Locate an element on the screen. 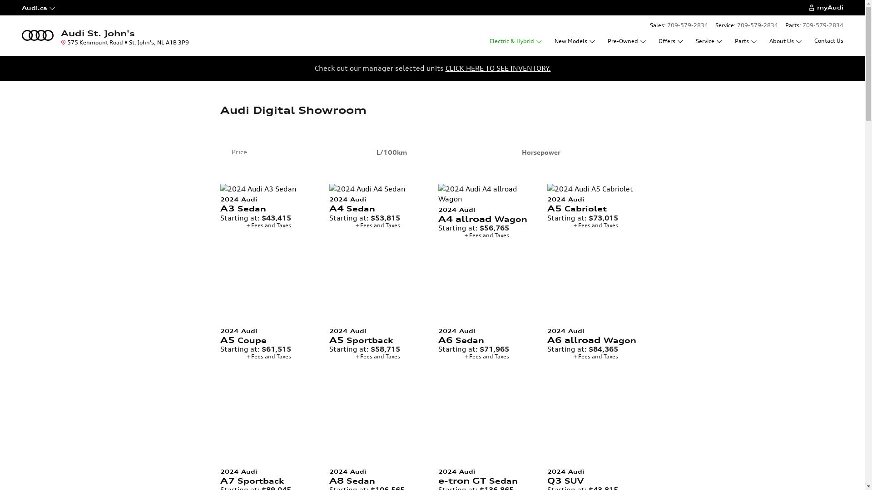 Image resolution: width=872 pixels, height=490 pixels. 'myAudi' is located at coordinates (808, 7).